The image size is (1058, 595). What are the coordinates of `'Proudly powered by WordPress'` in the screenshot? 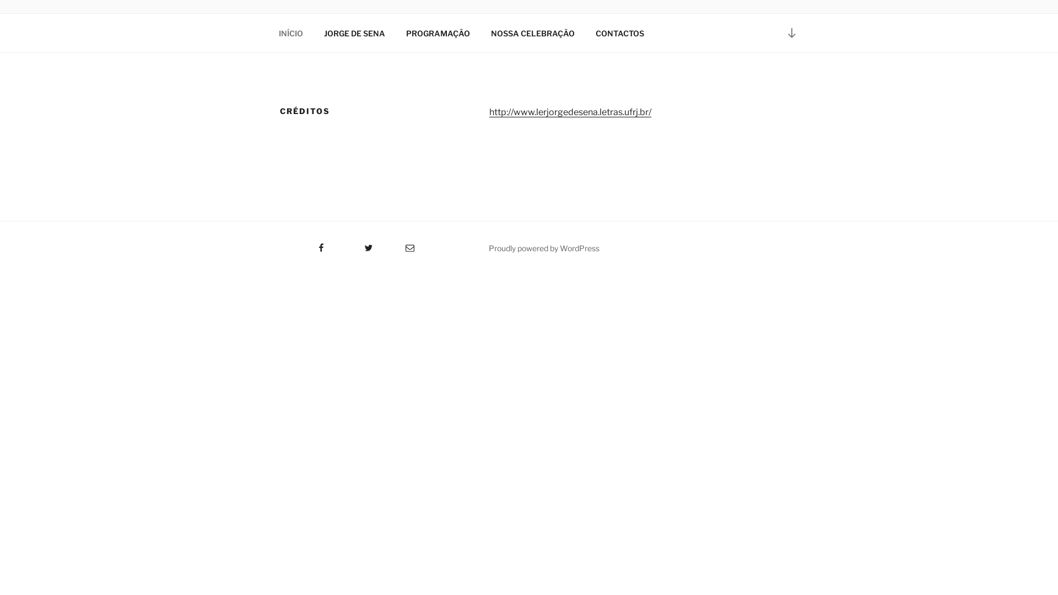 It's located at (544, 248).